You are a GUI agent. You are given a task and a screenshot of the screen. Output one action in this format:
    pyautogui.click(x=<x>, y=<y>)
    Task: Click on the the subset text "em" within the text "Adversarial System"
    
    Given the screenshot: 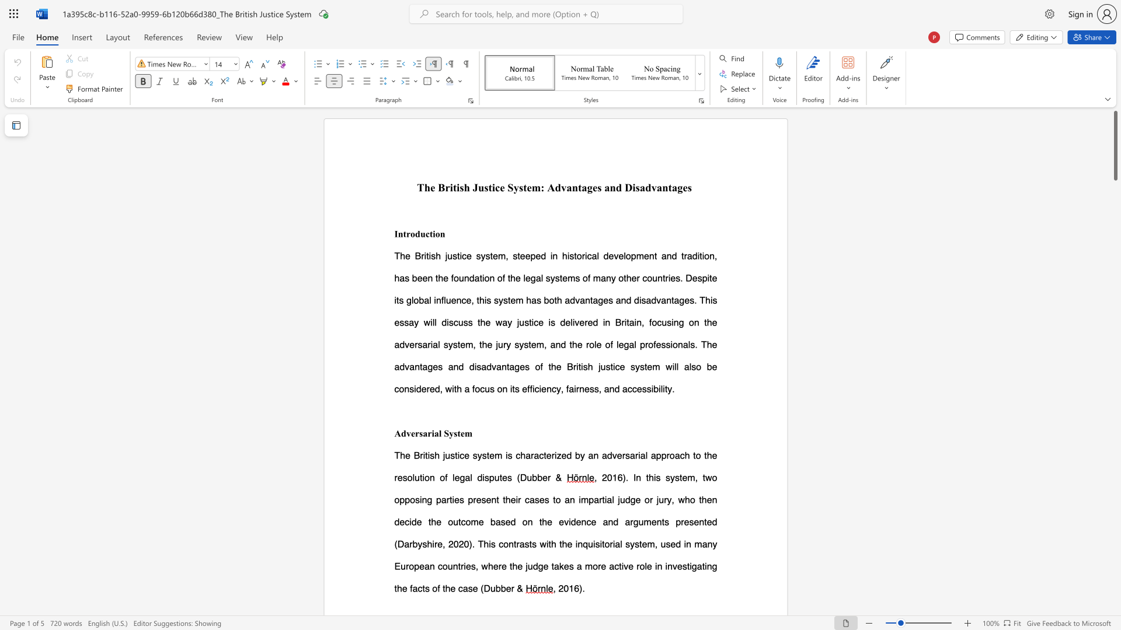 What is the action you would take?
    pyautogui.click(x=459, y=433)
    